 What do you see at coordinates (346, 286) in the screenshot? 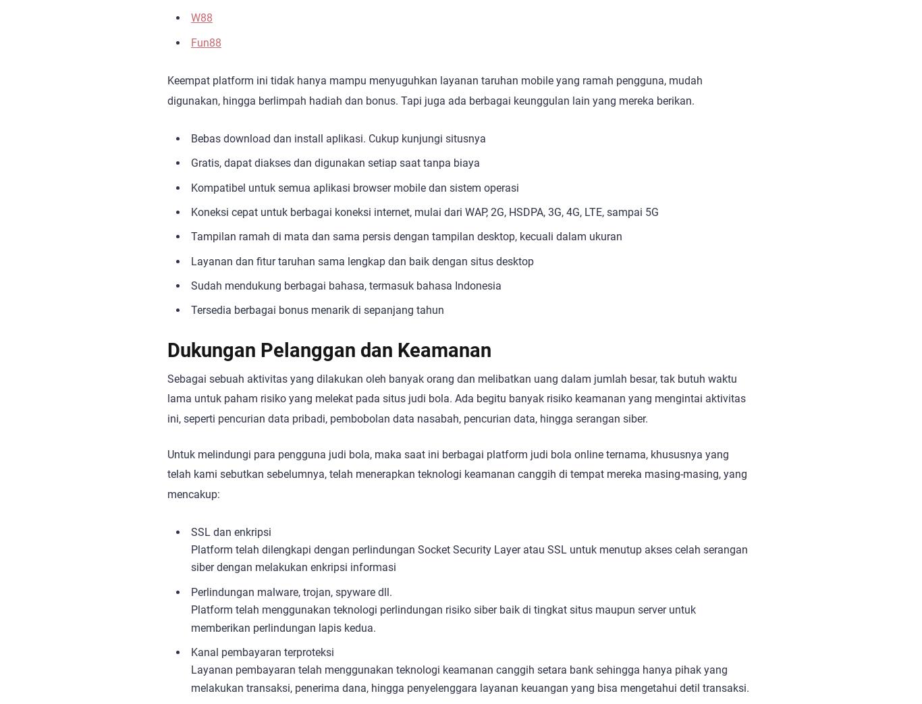
I see `'Sudah mendukung berbagai bahasa, termasuk bahasa Indonesia'` at bounding box center [346, 286].